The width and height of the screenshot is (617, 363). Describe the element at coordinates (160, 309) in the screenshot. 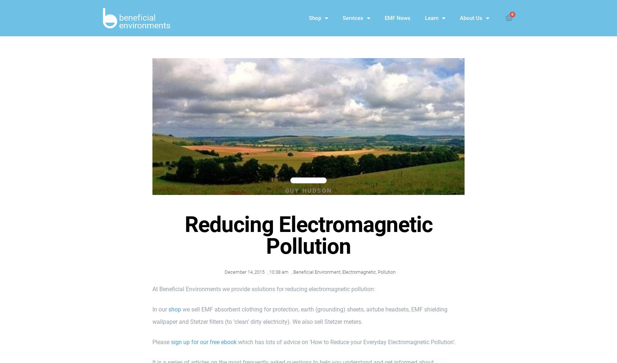

I see `'In our'` at that location.